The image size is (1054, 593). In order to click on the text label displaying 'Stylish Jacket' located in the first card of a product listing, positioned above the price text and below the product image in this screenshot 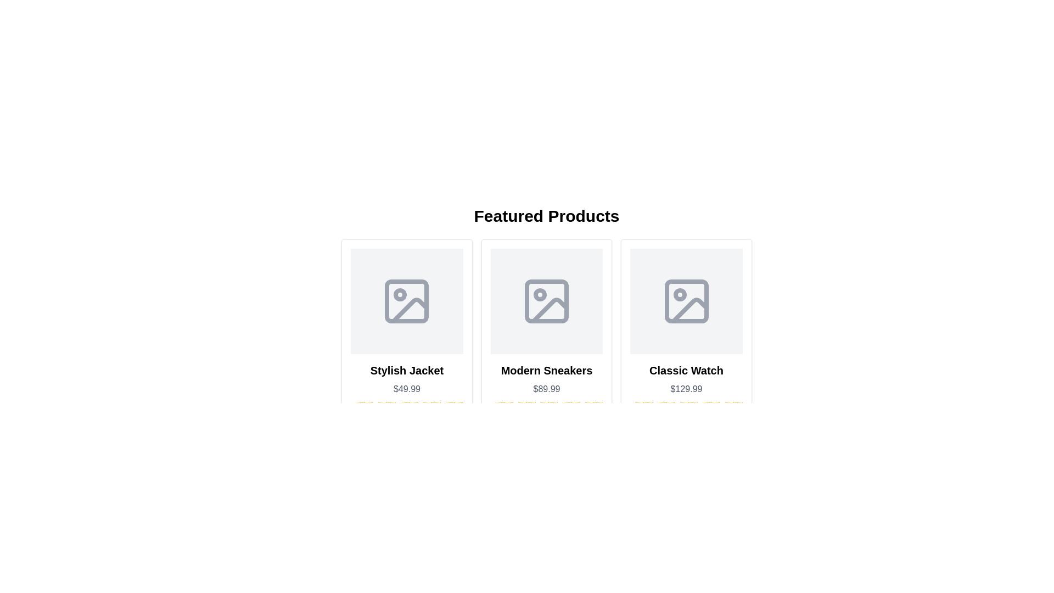, I will do `click(406, 371)`.